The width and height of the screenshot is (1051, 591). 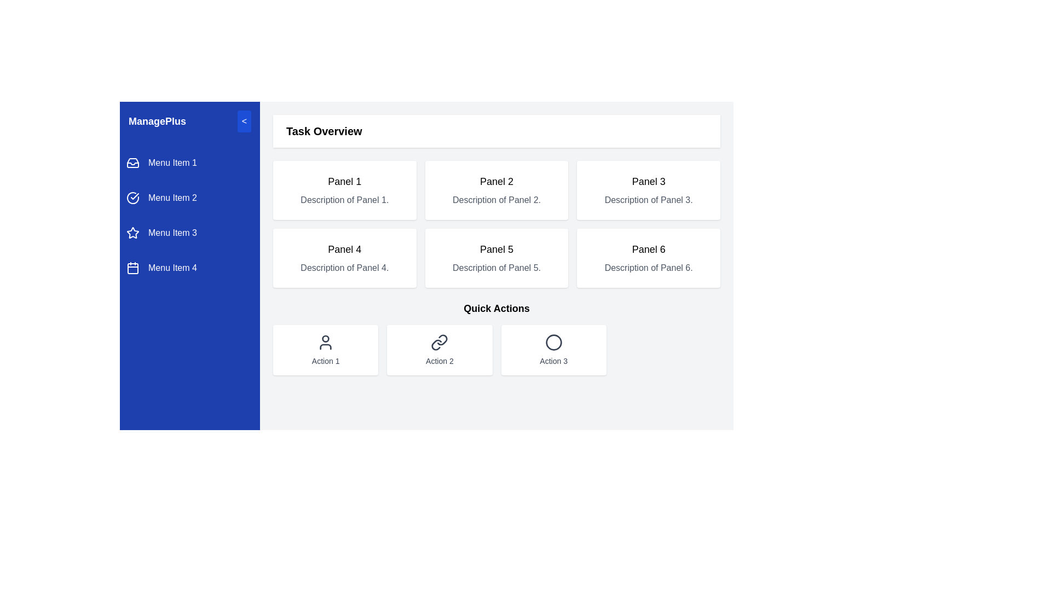 I want to click on the 'Menu Item 3' text label in the vertical navigation menu, so click(x=172, y=232).